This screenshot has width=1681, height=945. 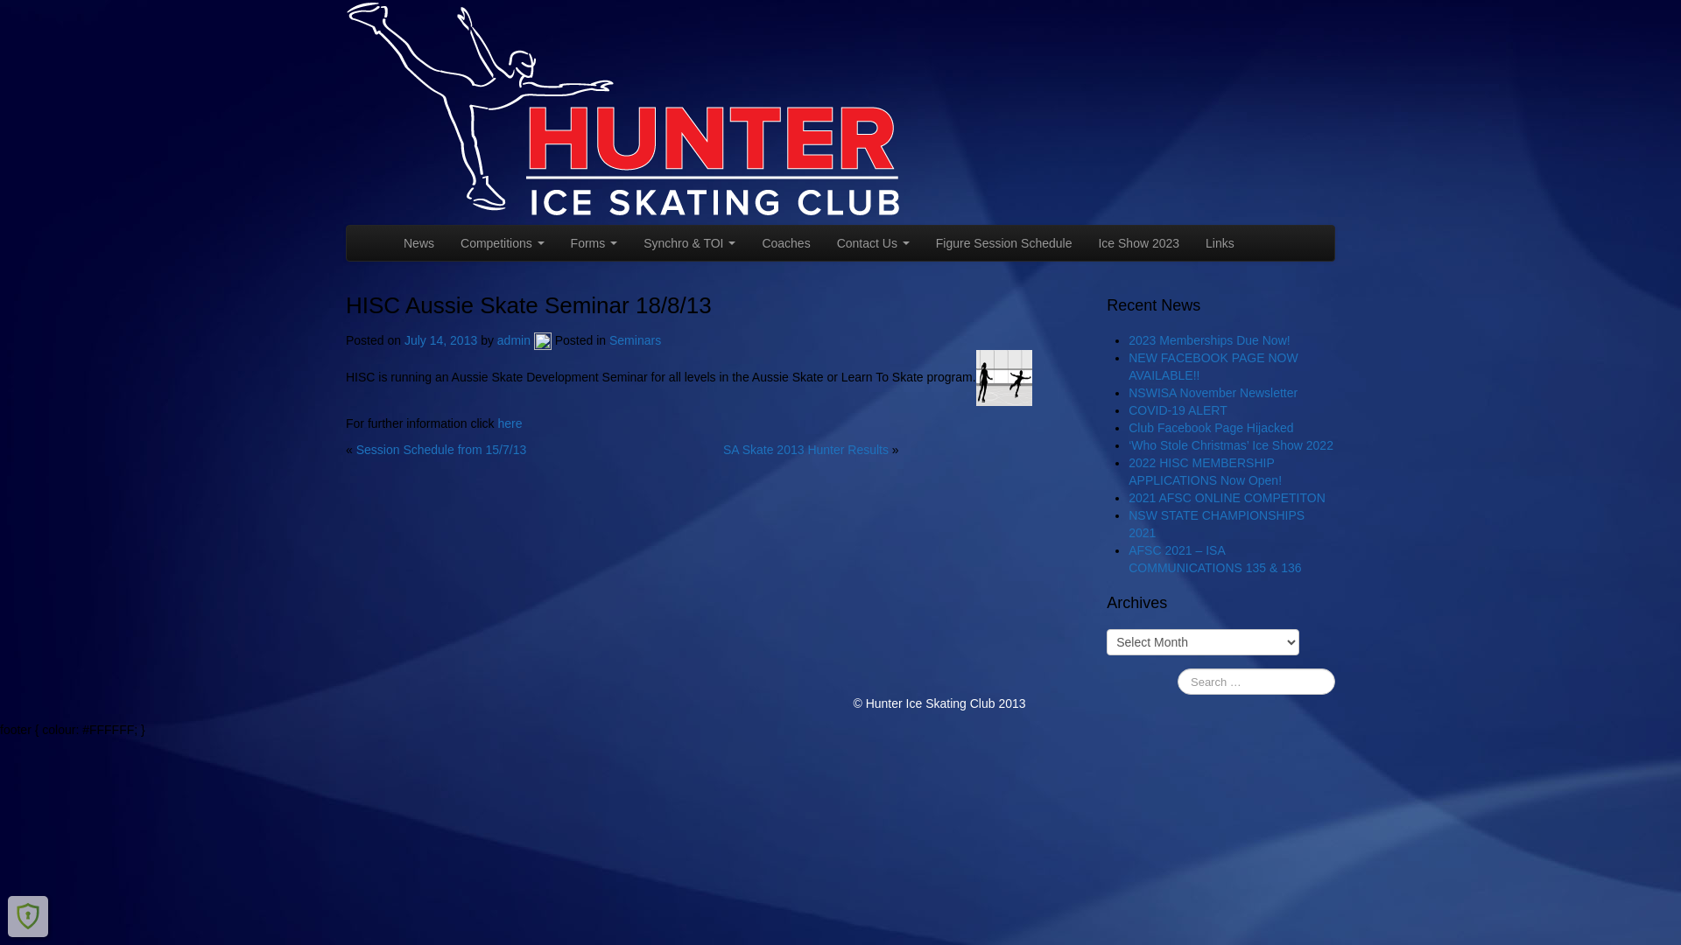 What do you see at coordinates (418, 242) in the screenshot?
I see `'News'` at bounding box center [418, 242].